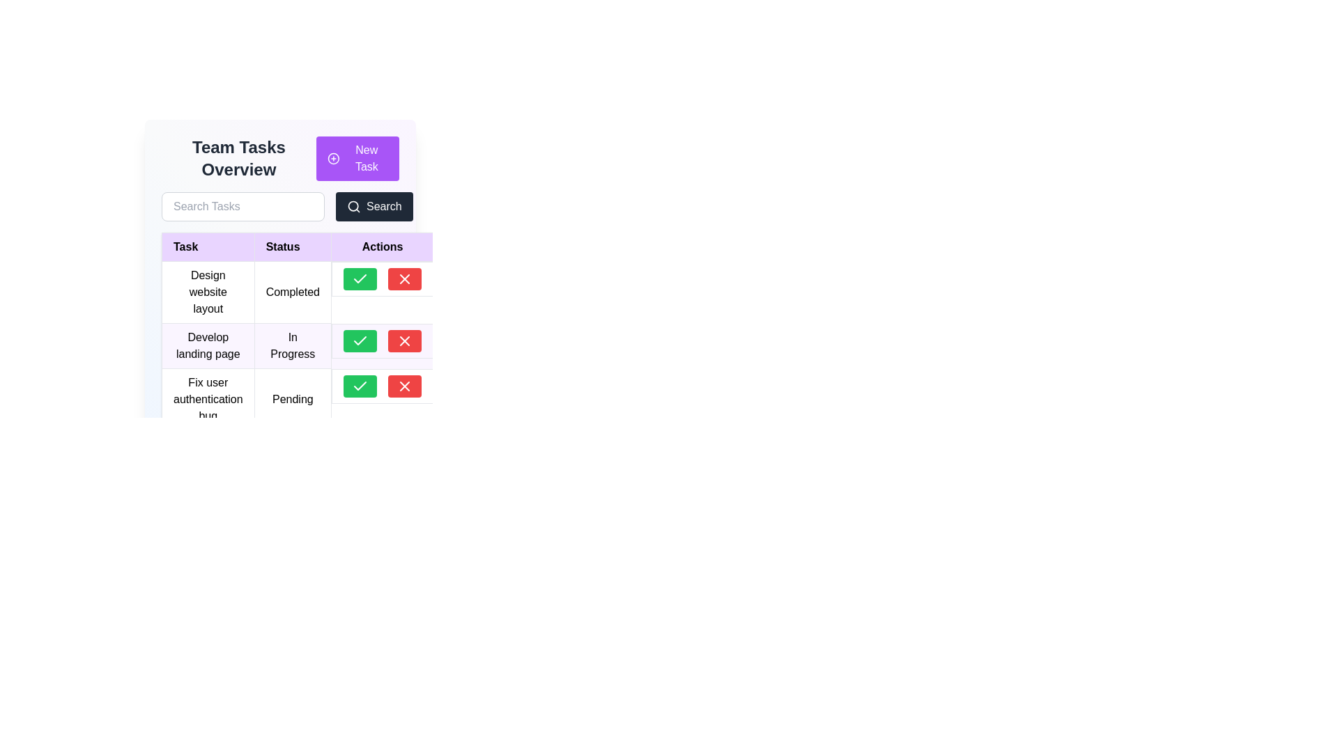 This screenshot has height=752, width=1338. Describe the element at coordinates (403, 279) in the screenshot. I see `the red rounded button with a white 'X' icon` at that location.